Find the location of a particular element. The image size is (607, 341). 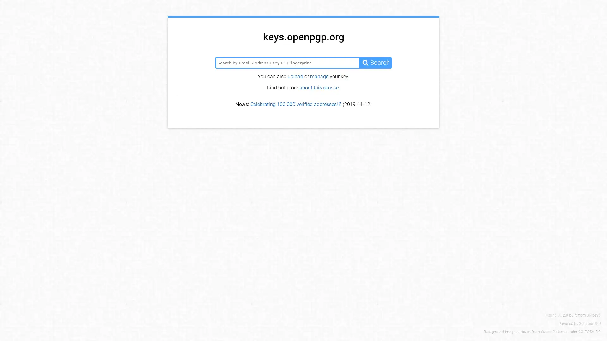

Search is located at coordinates (376, 63).